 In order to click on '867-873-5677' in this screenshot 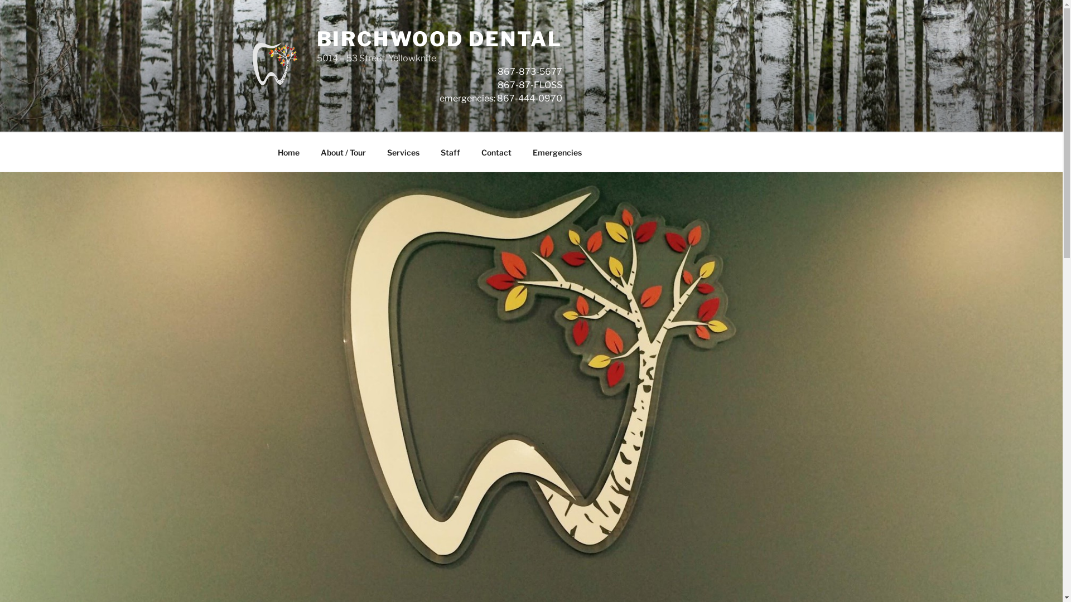, I will do `click(529, 71)`.